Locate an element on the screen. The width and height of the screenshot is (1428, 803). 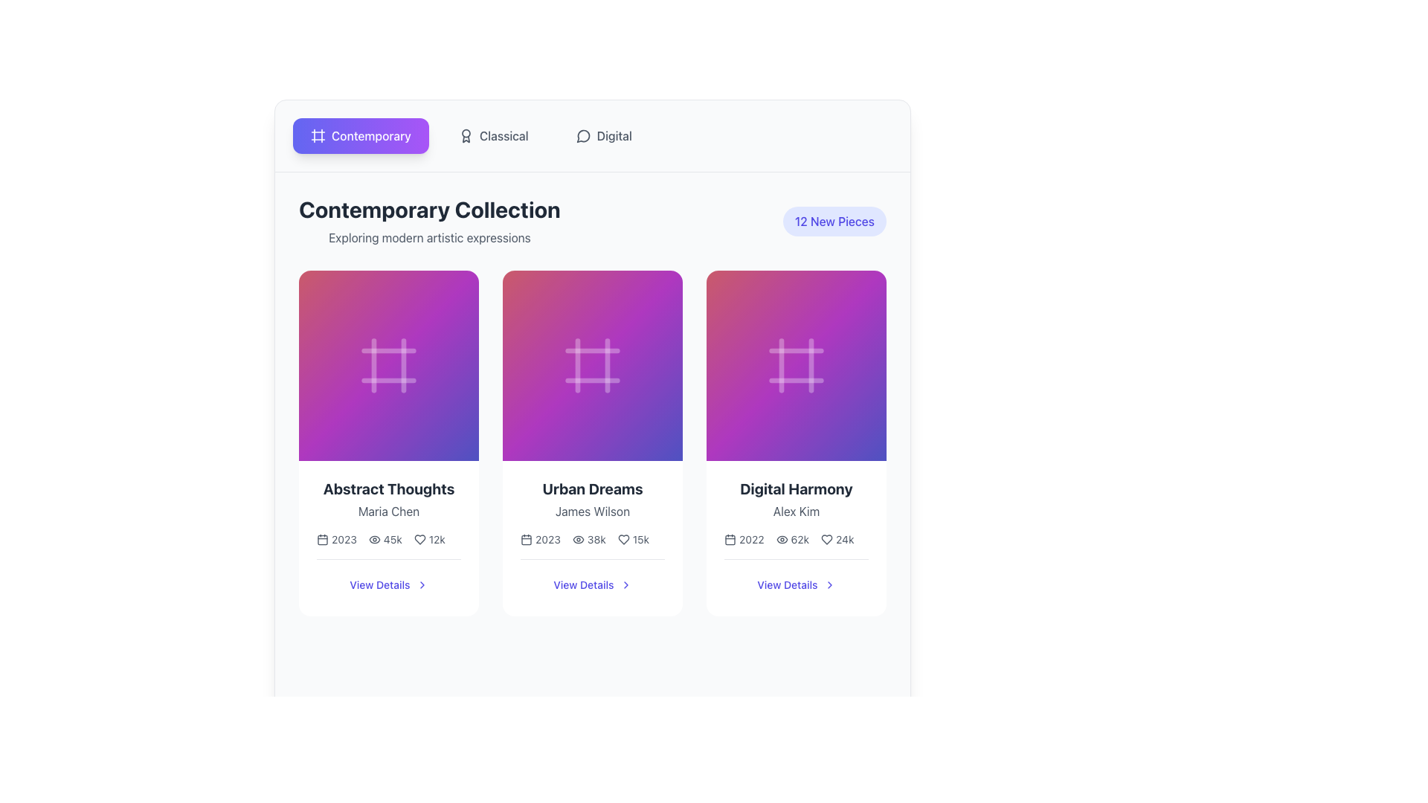
displayed statistics from the Text element summarizing the collection's year, view count, and like count, located centrally below the title 'Abstract Thoughts' by 'Maria Chen' is located at coordinates (389, 539).